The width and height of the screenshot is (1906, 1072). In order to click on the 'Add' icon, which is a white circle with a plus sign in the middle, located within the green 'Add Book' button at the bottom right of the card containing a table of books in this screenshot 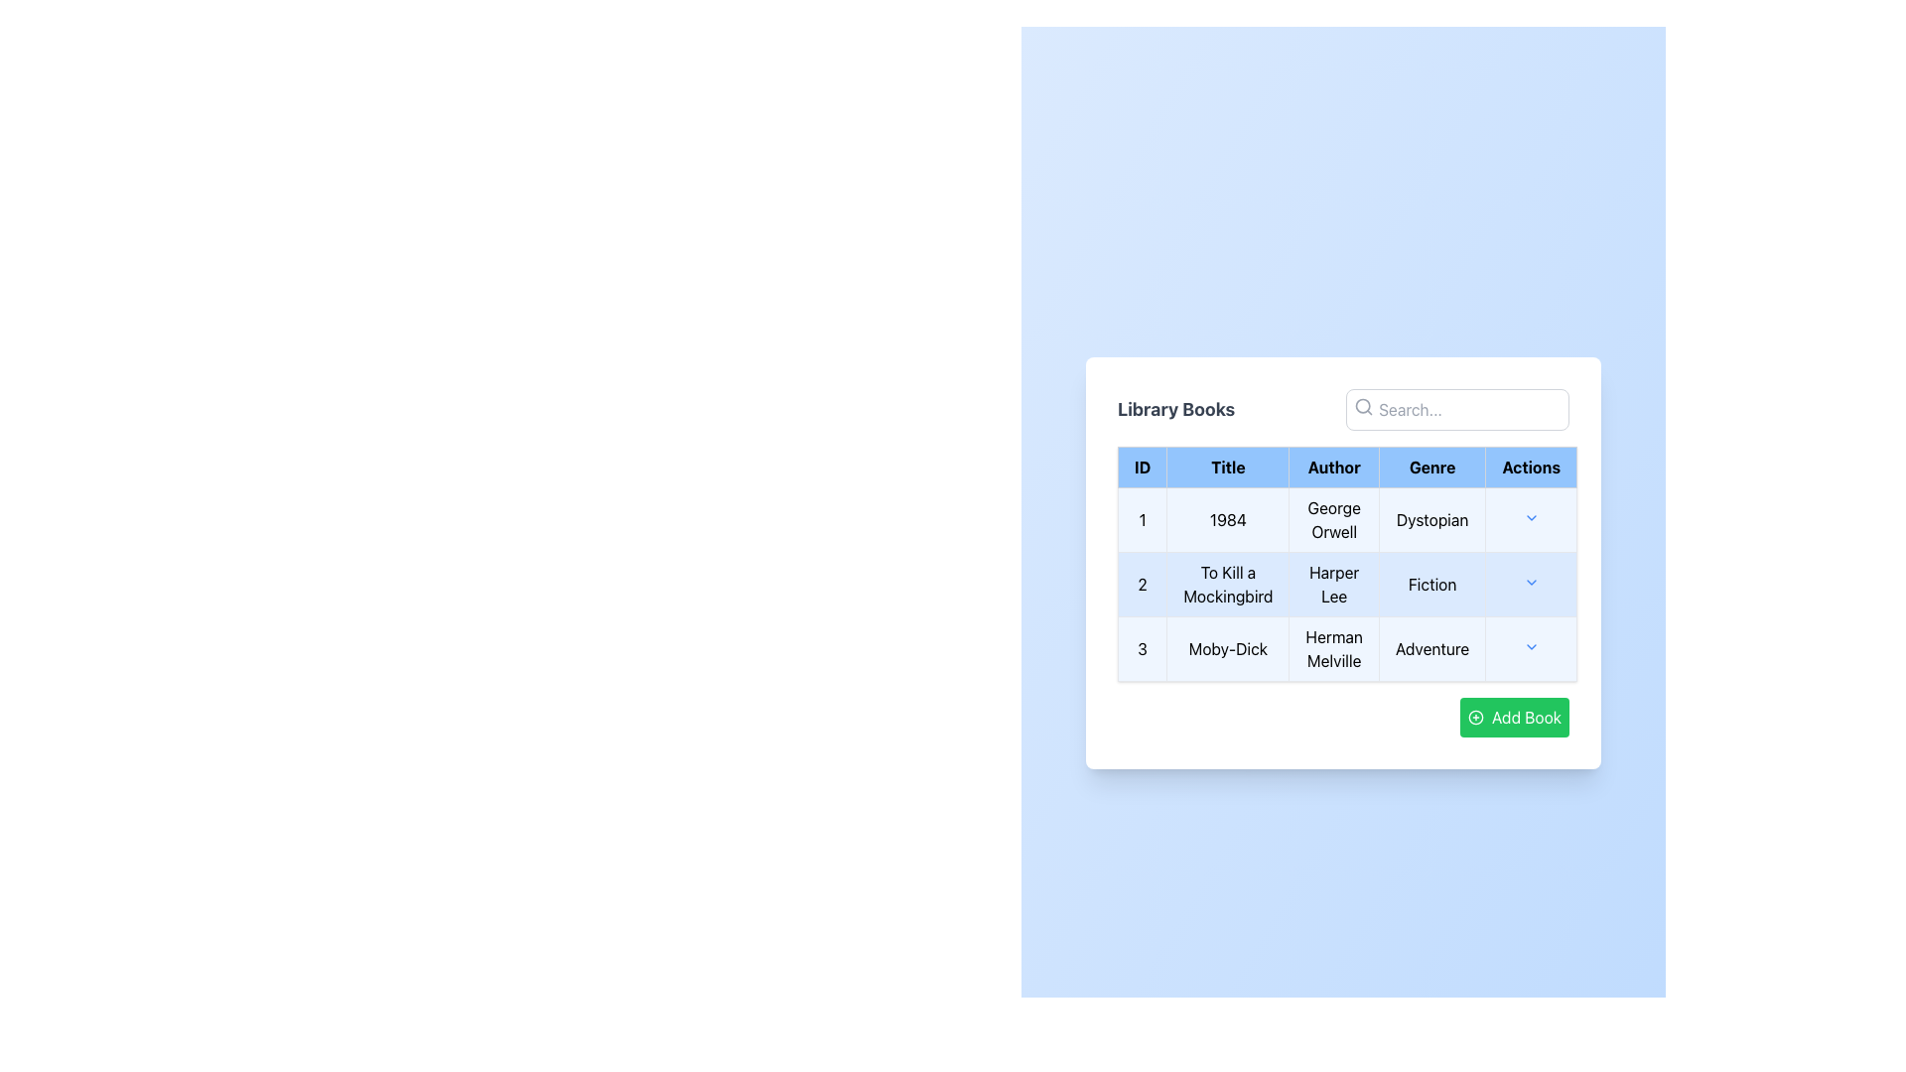, I will do `click(1476, 717)`.